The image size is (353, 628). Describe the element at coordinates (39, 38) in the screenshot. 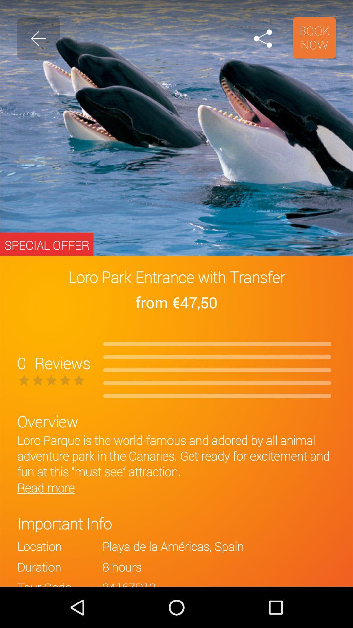

I see `the arrow_backward icon` at that location.